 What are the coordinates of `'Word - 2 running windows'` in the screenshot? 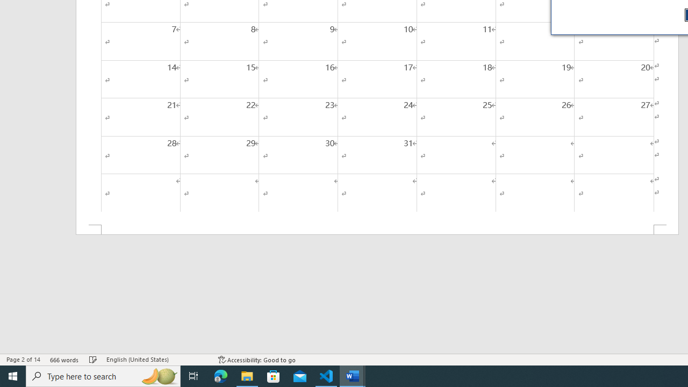 It's located at (353, 375).